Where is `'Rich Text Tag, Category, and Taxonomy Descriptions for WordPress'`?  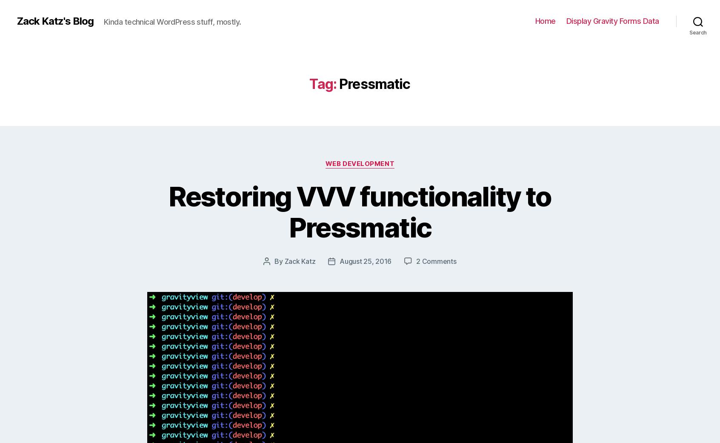
'Rich Text Tag, Category, and Taxonomy Descriptions for WordPress' is located at coordinates (385, 274).